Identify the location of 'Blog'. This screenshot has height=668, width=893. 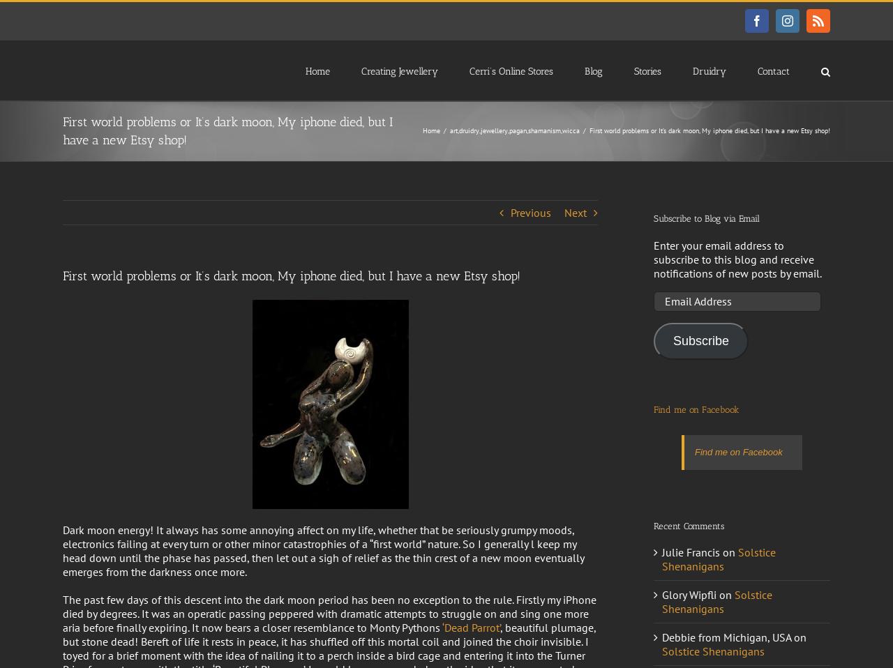
(593, 70).